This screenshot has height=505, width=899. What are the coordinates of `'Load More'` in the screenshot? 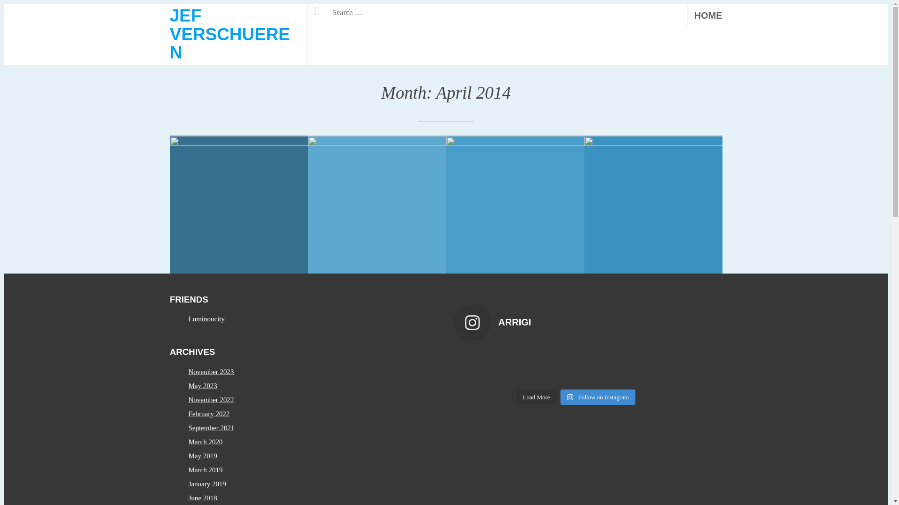 It's located at (516, 397).